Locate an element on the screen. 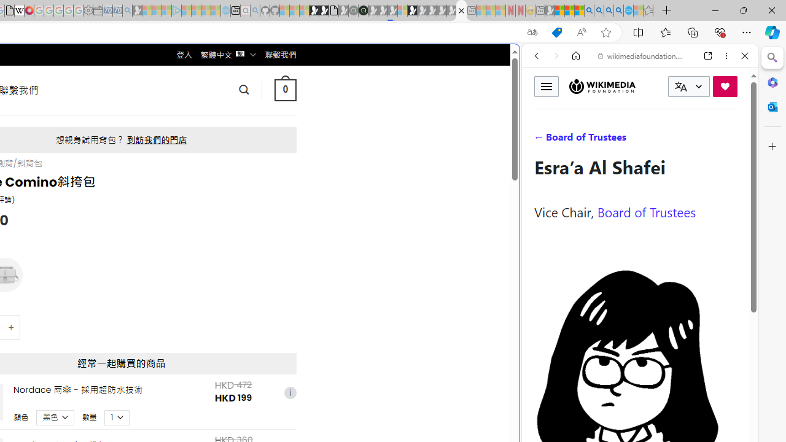 This screenshot has height=442, width=786. 'Open link in new tab' is located at coordinates (708, 56).